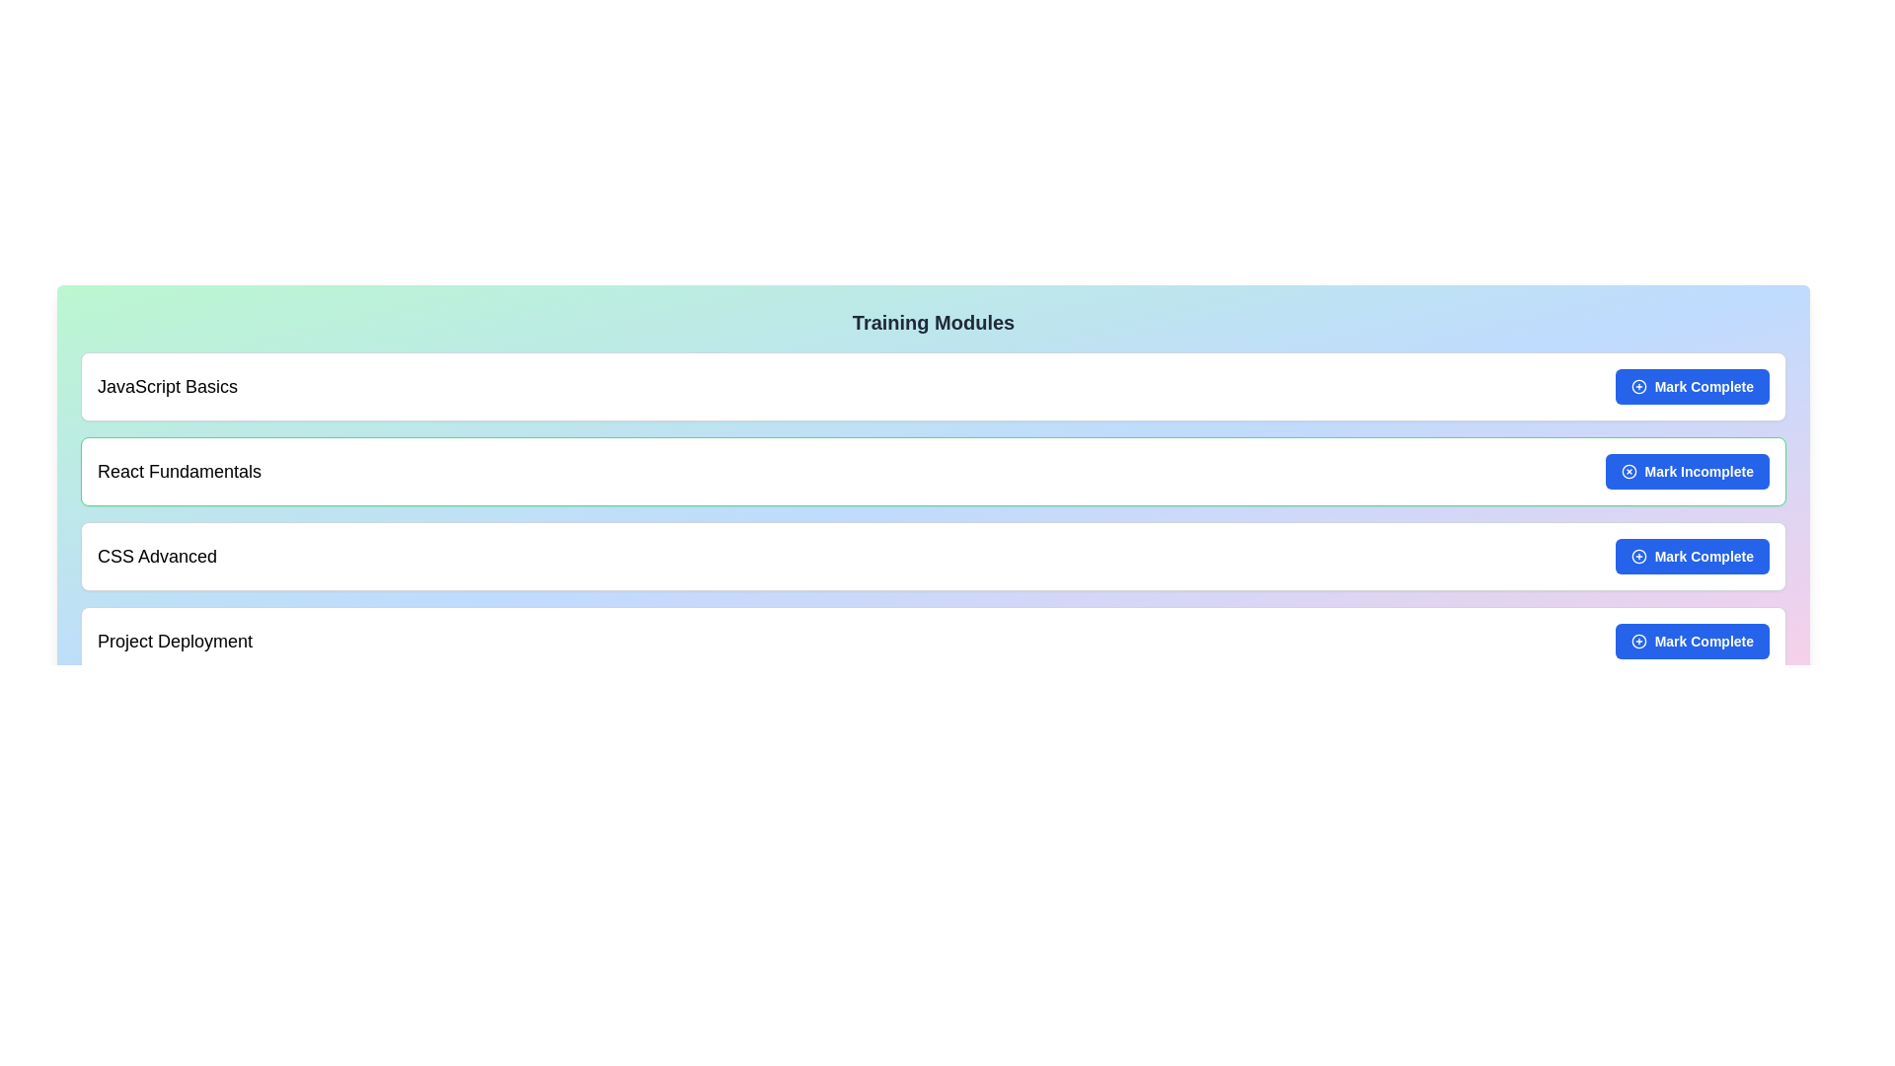 The height and width of the screenshot is (1066, 1895). I want to click on the 'Mark Complete' button, which is a vibrant blue button with a bold white label, so click(1691, 387).